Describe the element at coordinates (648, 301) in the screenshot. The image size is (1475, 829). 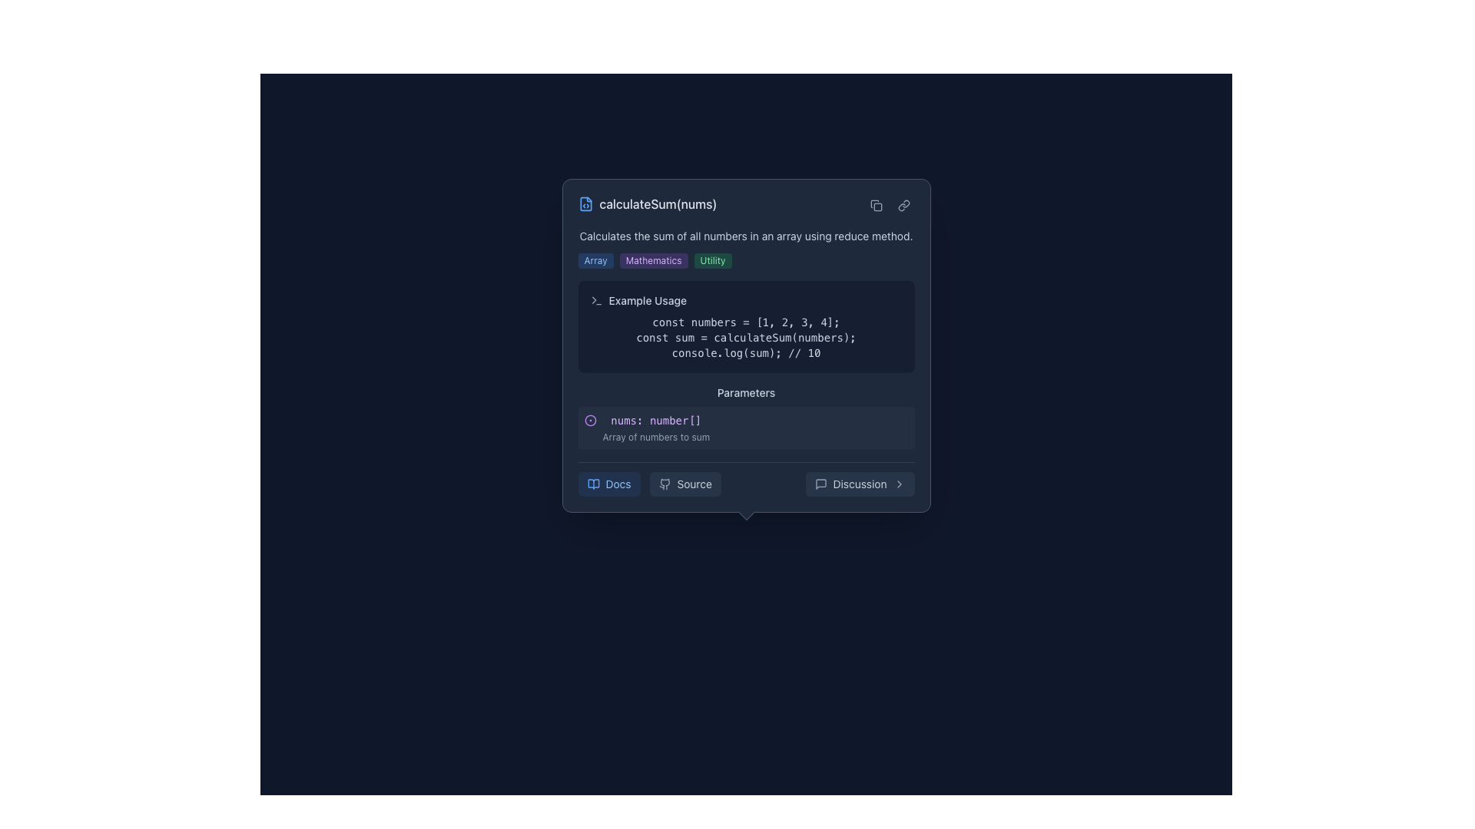
I see `the Text label that provides context to a code snippet, which is centrally positioned in the upper section of a pop-up interface` at that location.